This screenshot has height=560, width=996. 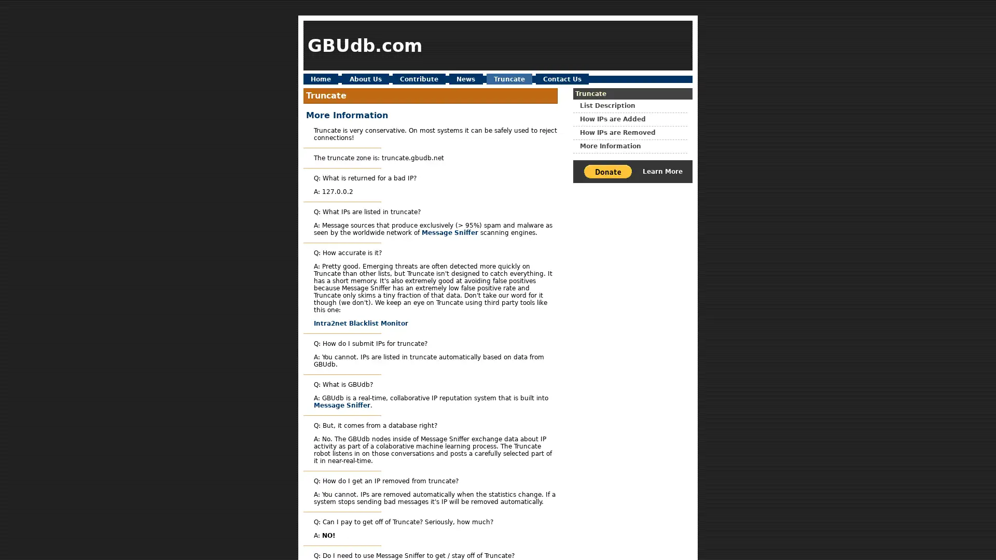 What do you see at coordinates (607, 171) in the screenshot?
I see `PayPal - The safer, easier way to pay online!` at bounding box center [607, 171].